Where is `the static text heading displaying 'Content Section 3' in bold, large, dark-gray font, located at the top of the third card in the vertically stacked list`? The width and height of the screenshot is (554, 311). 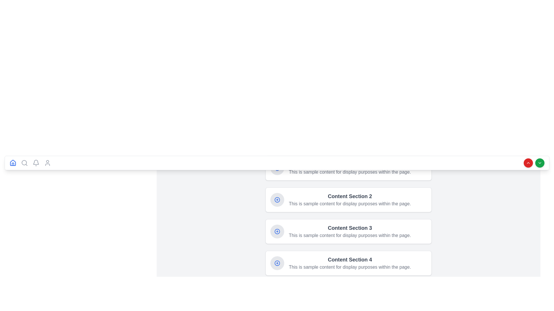
the static text heading displaying 'Content Section 3' in bold, large, dark-gray font, located at the top of the third card in the vertically stacked list is located at coordinates (349, 227).